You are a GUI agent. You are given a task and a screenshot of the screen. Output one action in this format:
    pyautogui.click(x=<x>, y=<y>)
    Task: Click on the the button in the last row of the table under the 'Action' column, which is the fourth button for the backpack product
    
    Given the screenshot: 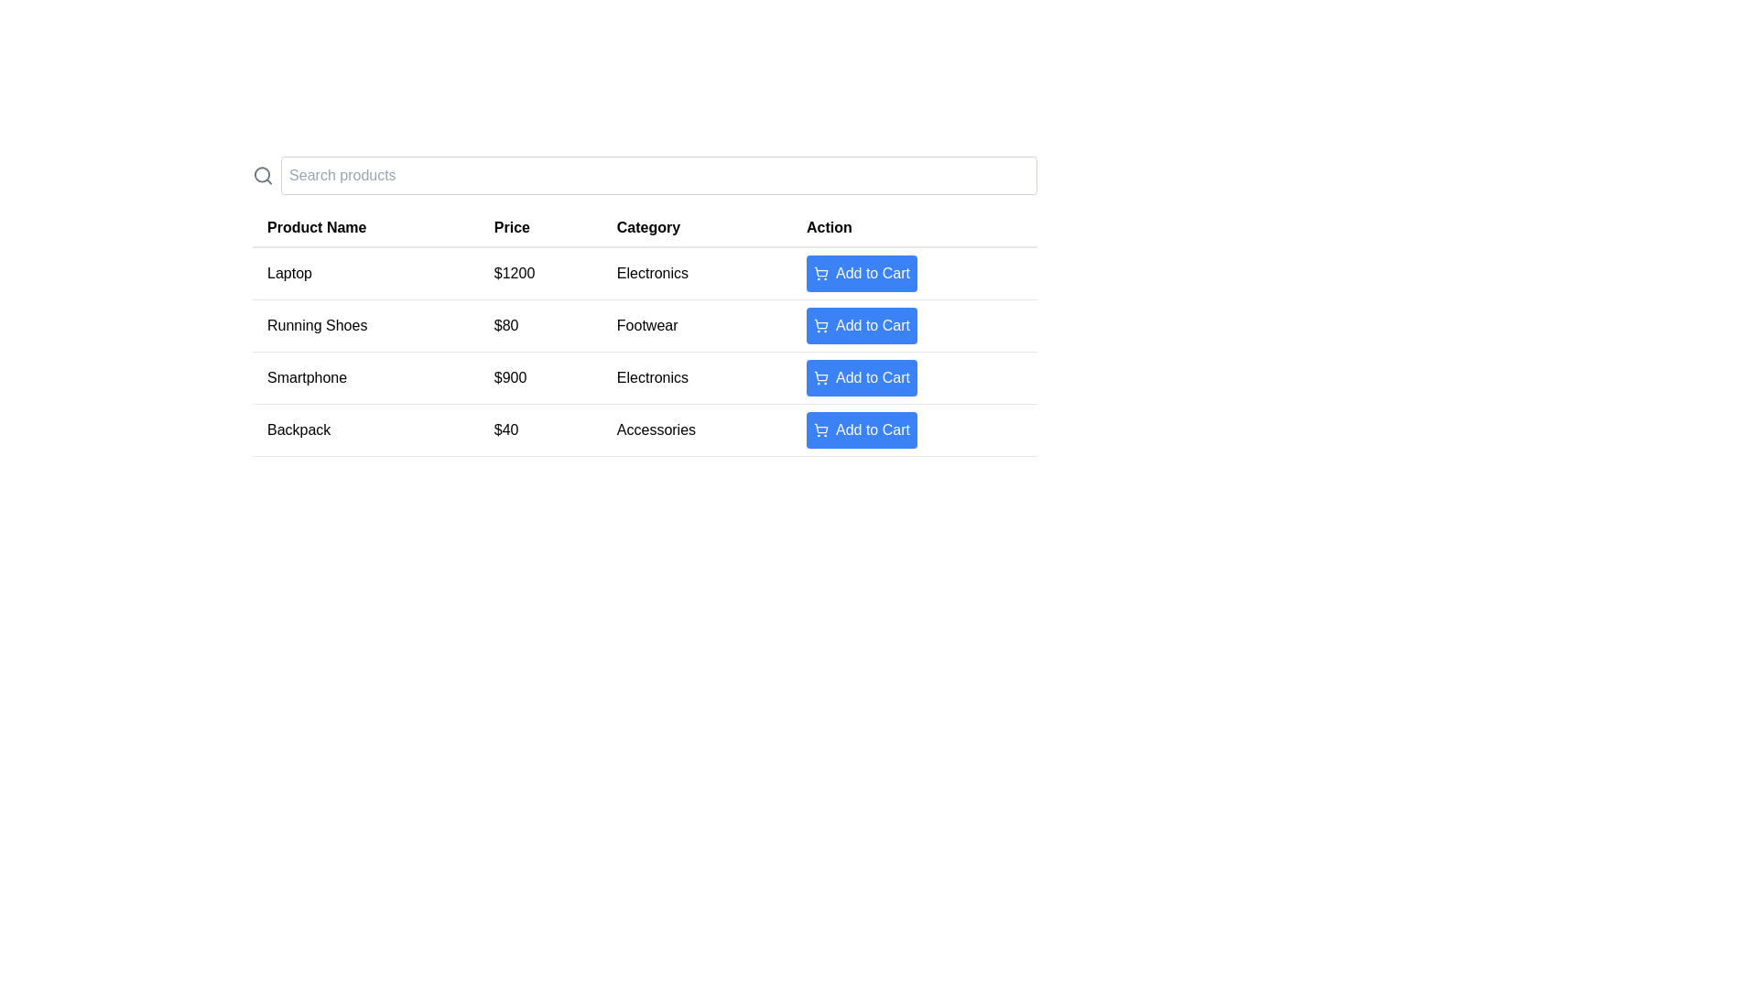 What is the action you would take?
    pyautogui.click(x=914, y=430)
    